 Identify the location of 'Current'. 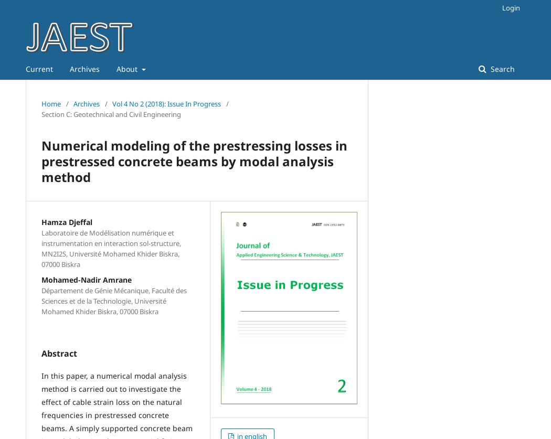
(38, 69).